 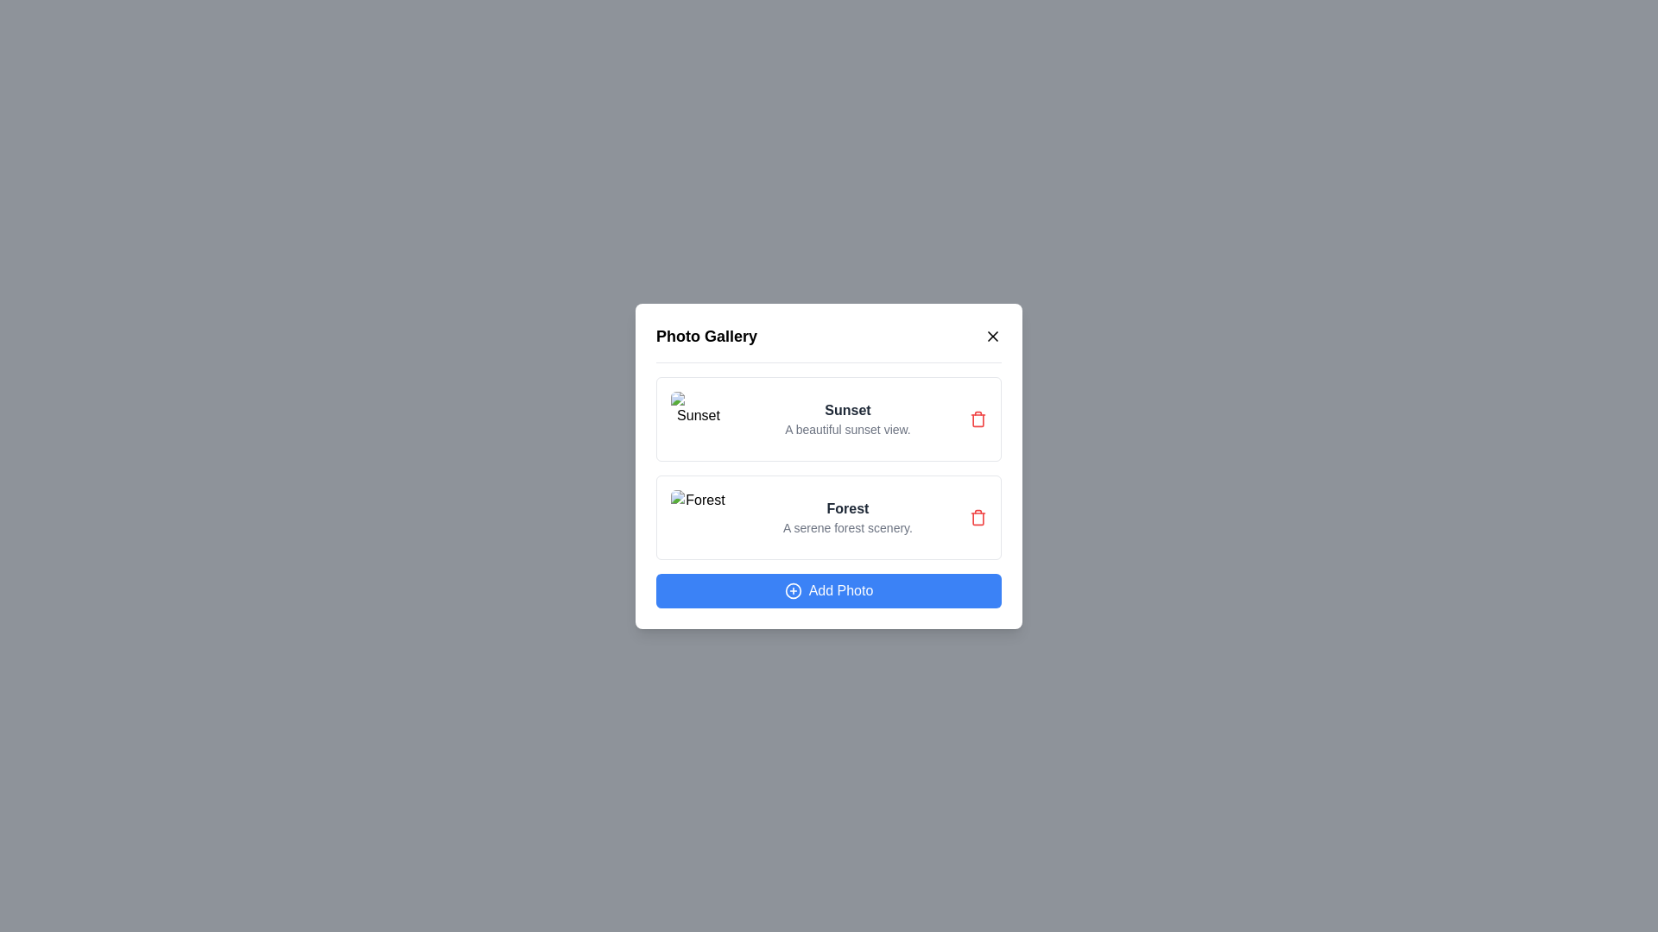 I want to click on the bold, dark-colored text 'Forest' in the second row of the 'Photo Gallery', so click(x=848, y=507).